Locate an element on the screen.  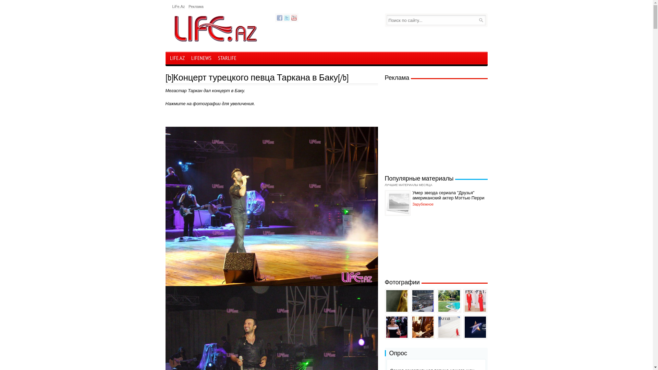
'Twitter' is located at coordinates (286, 17).